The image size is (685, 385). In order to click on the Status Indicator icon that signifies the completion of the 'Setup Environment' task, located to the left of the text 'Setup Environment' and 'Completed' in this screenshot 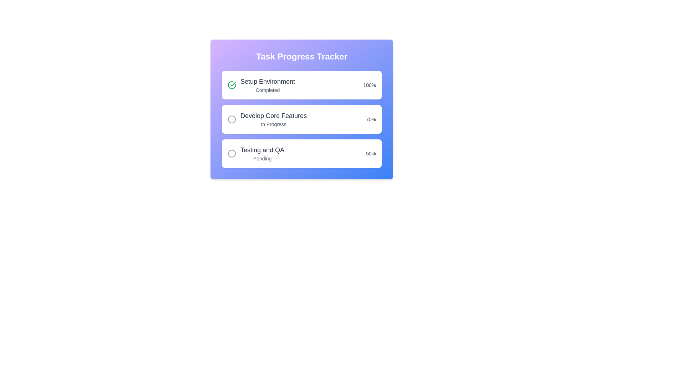, I will do `click(232, 85)`.